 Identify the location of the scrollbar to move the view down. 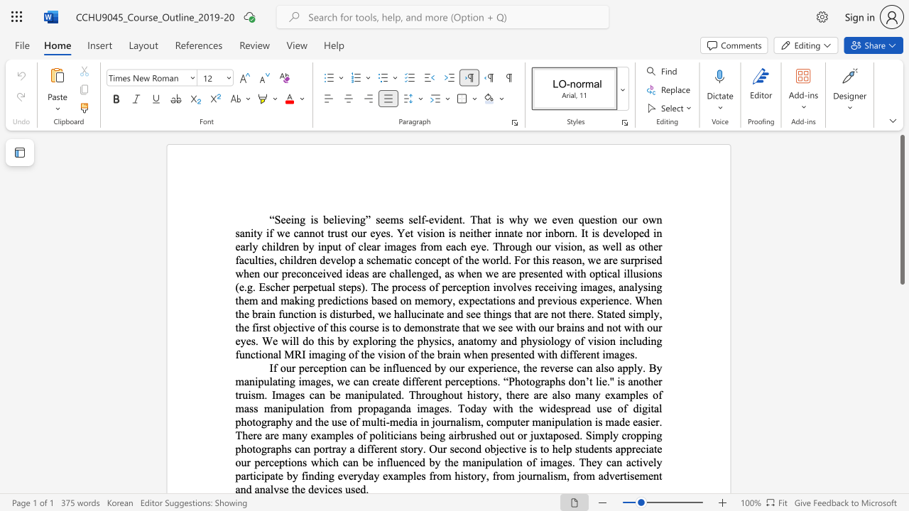
(901, 447).